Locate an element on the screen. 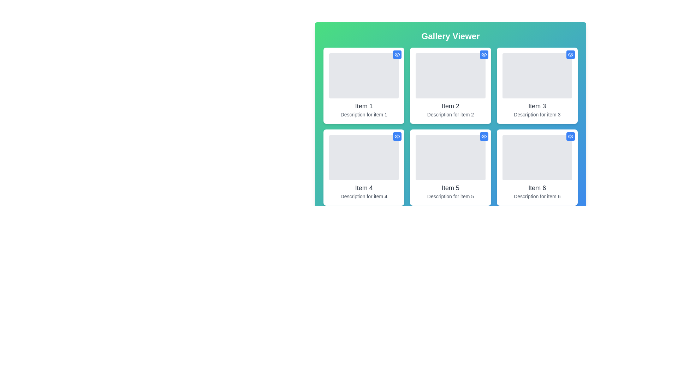 The height and width of the screenshot is (381, 678). the text label displaying 'Item 5' that is bold and dark gray, positioned above the description 'Description for item 5' in the second row, middle column of the grid layout is located at coordinates (450, 187).